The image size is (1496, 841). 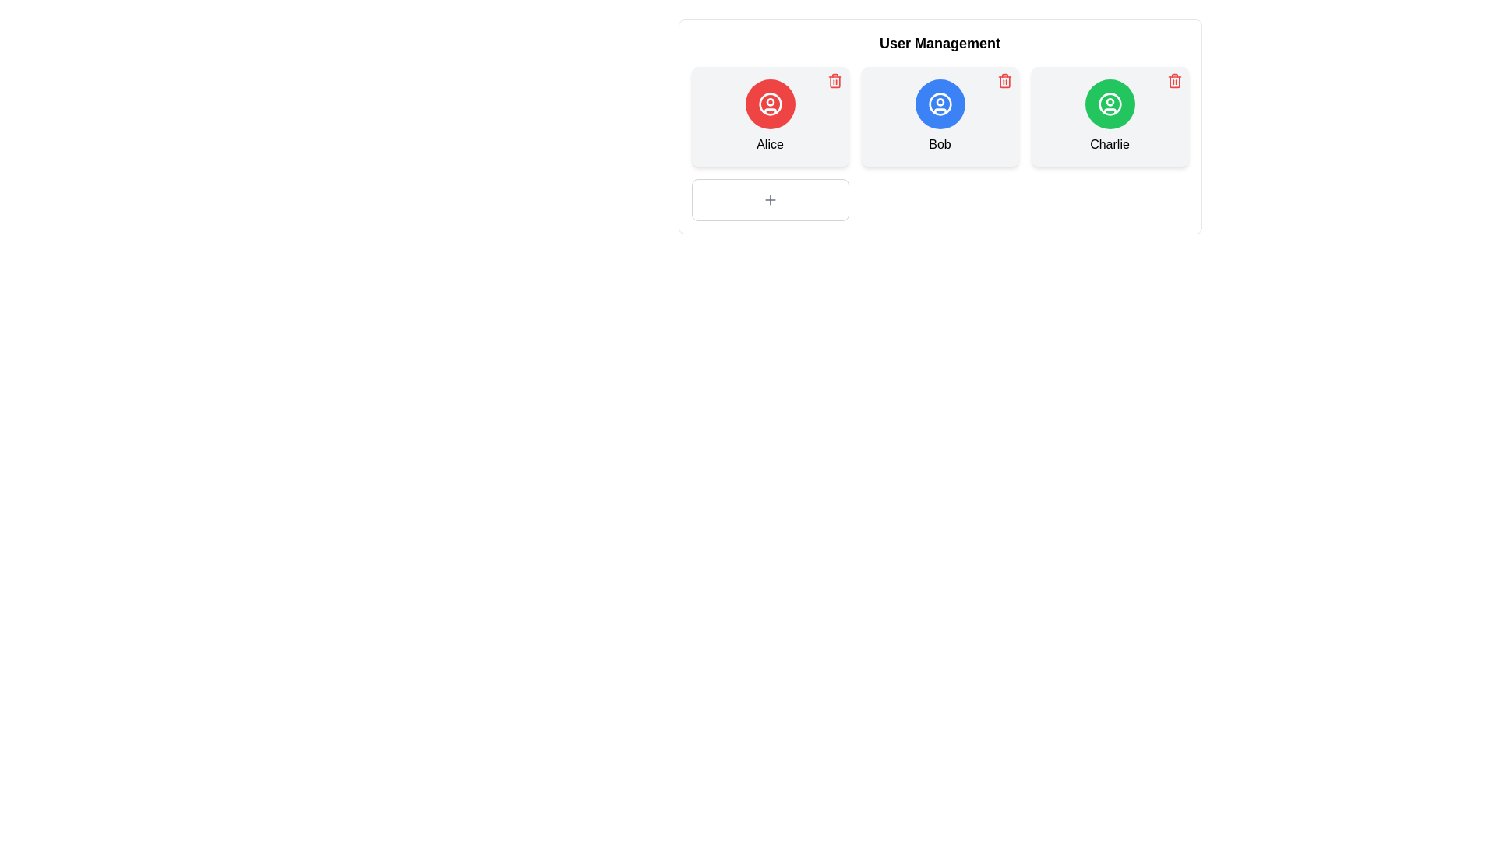 What do you see at coordinates (939, 104) in the screenshot?
I see `the user icon representing 'Bob' in the user management interface, which is the second icon in the horizontal list of user representations` at bounding box center [939, 104].